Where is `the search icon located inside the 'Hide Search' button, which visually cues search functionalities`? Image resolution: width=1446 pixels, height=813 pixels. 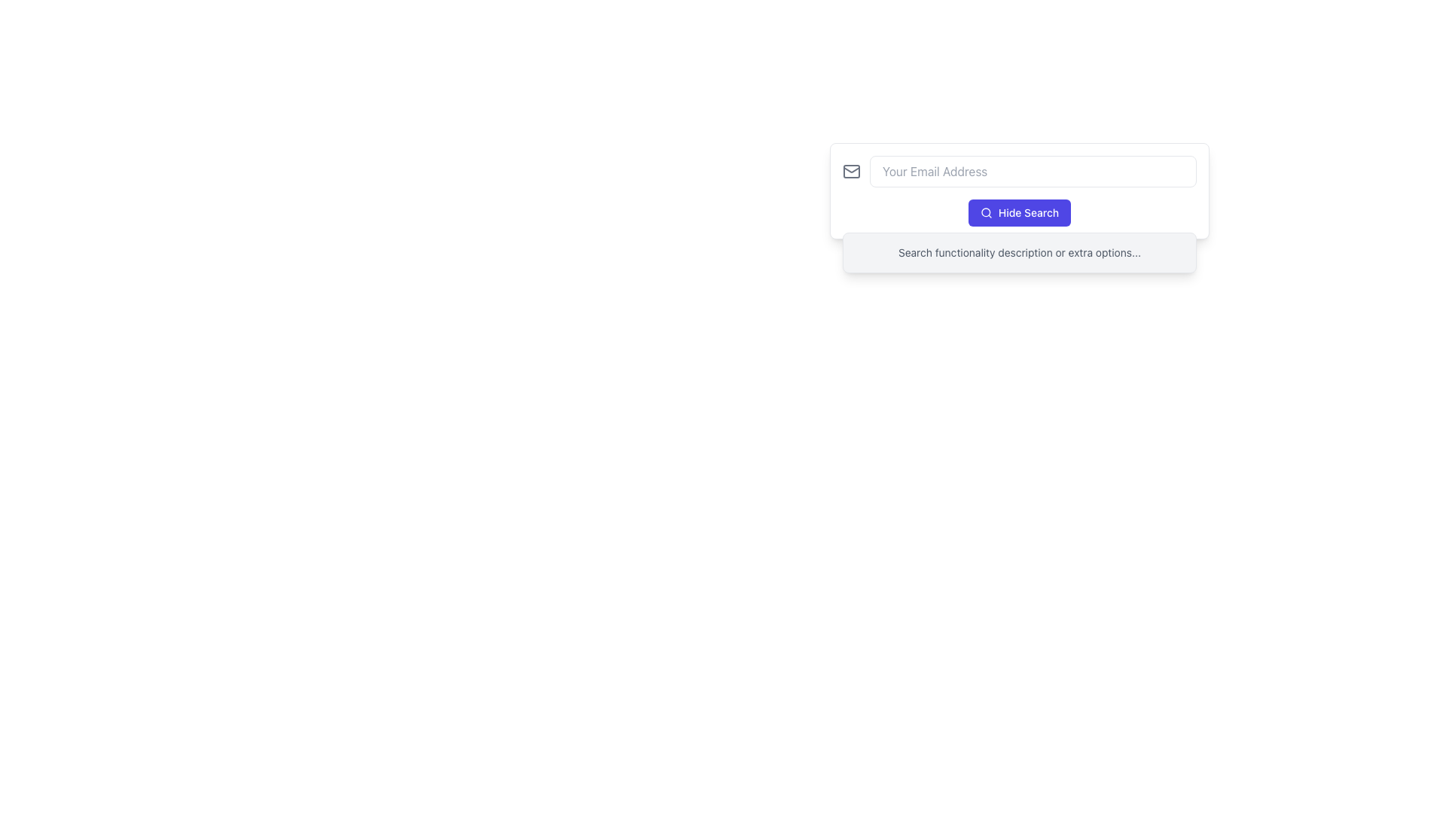
the search icon located inside the 'Hide Search' button, which visually cues search functionalities is located at coordinates (986, 212).